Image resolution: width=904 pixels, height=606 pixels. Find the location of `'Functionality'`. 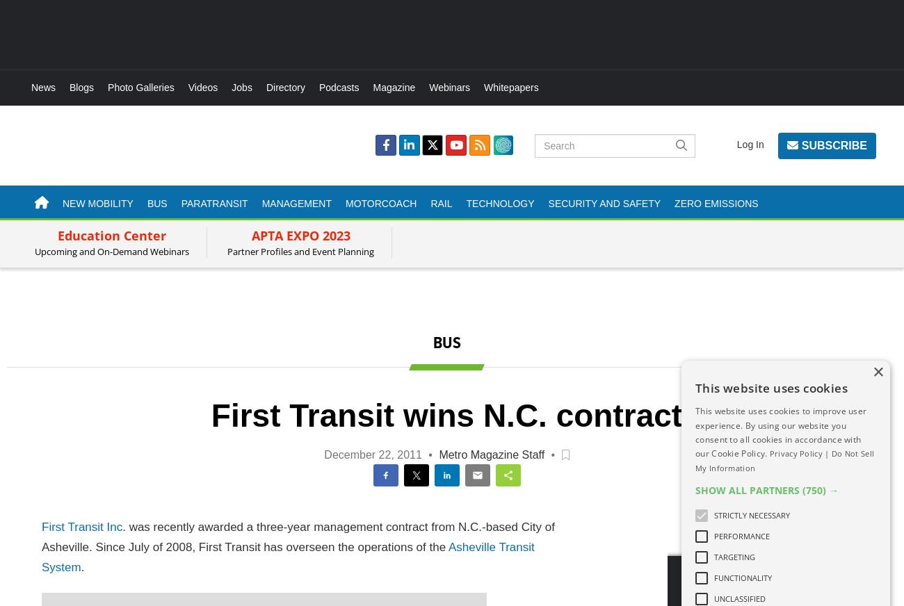

'Functionality' is located at coordinates (743, 577).